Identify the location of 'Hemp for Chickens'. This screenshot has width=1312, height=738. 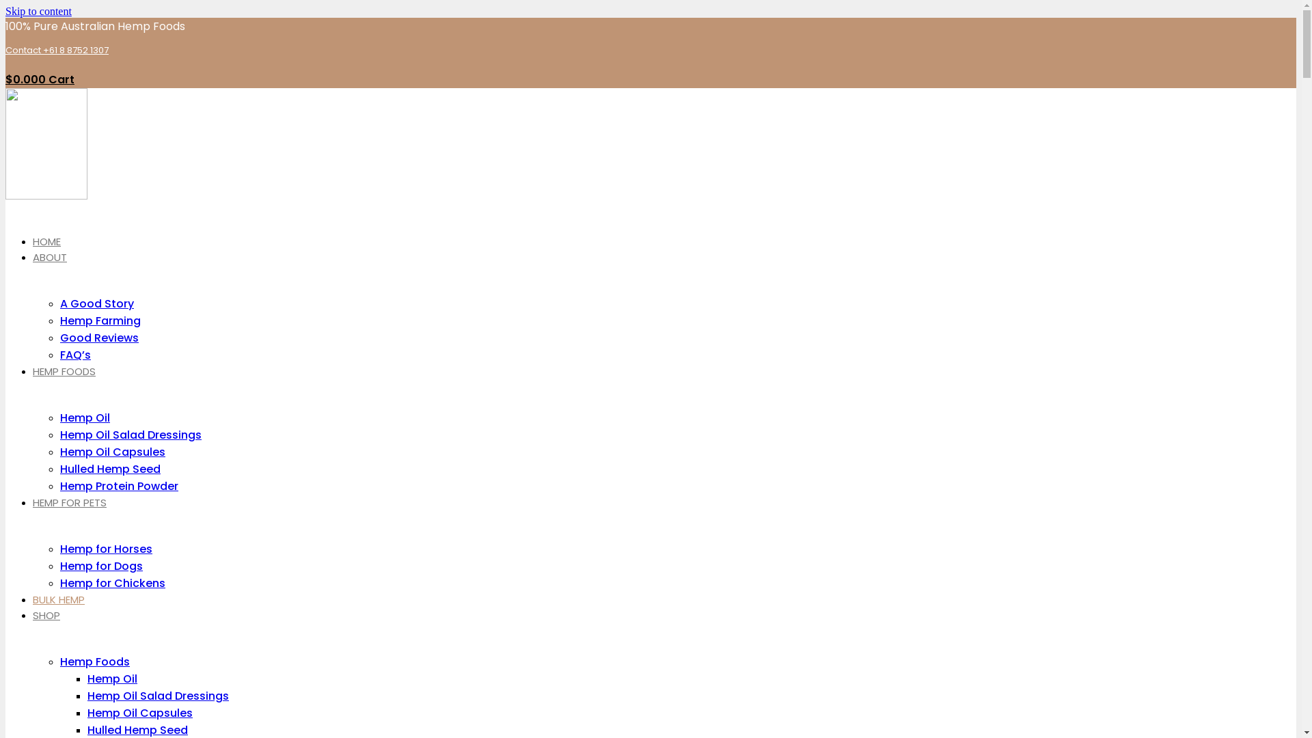
(112, 583).